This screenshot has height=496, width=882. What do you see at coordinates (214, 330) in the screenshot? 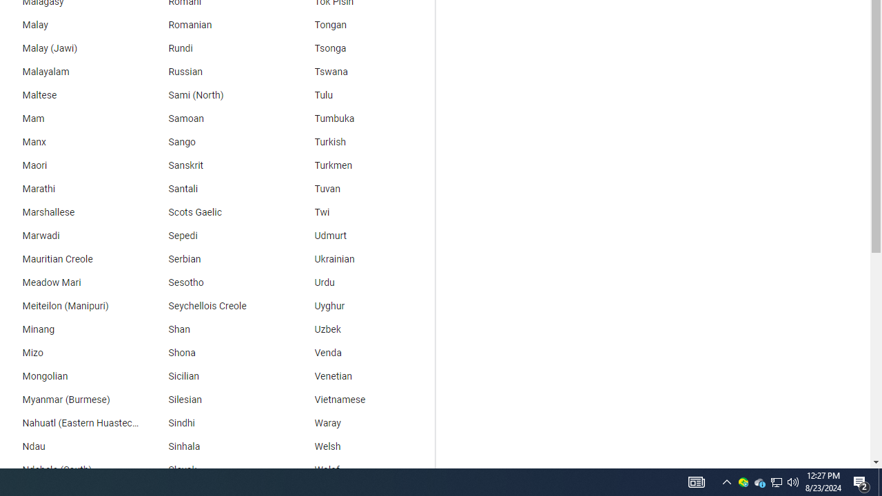
I see `'Shan'` at bounding box center [214, 330].